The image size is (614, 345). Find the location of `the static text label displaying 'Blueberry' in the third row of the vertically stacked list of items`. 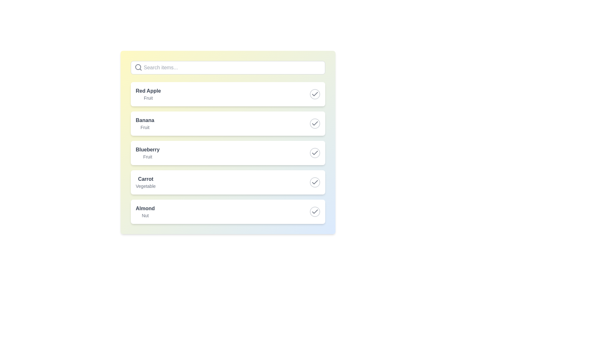

the static text label displaying 'Blueberry' in the third row of the vertically stacked list of items is located at coordinates (147, 153).